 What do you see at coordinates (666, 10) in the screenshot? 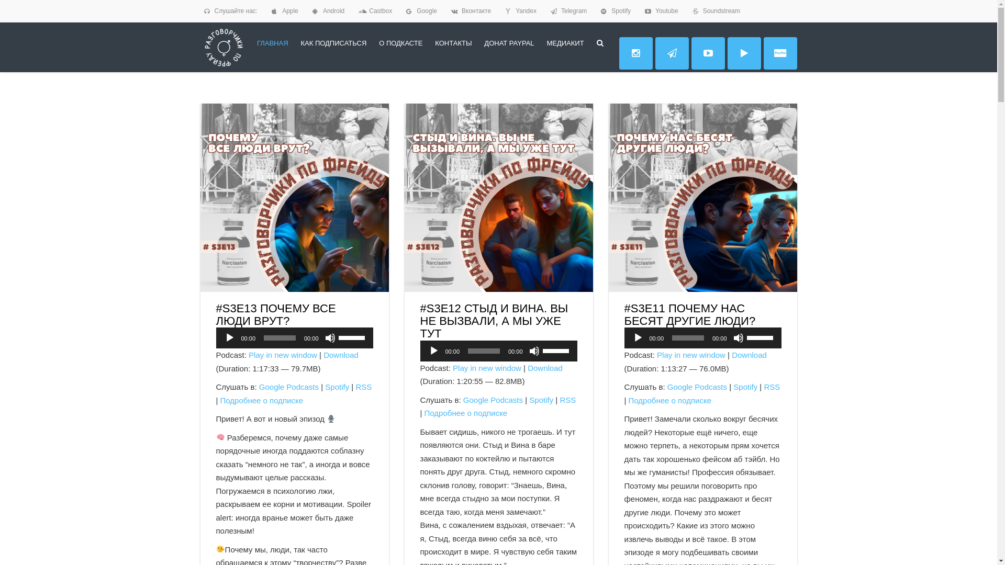
I see `'Youtube'` at bounding box center [666, 10].